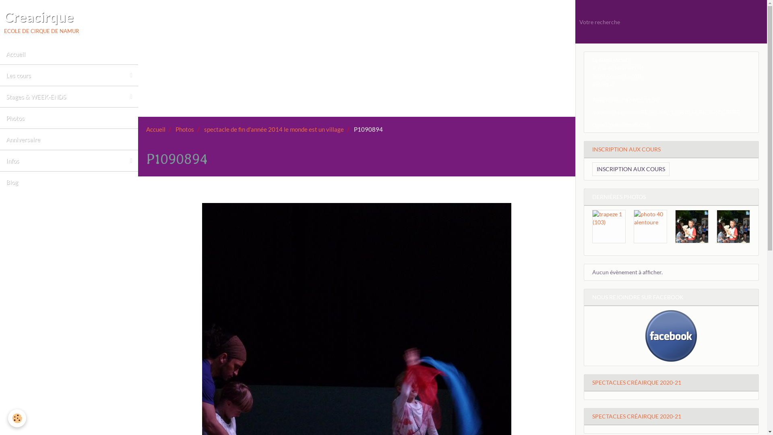  I want to click on 'Creacirque, so click(41, 21).